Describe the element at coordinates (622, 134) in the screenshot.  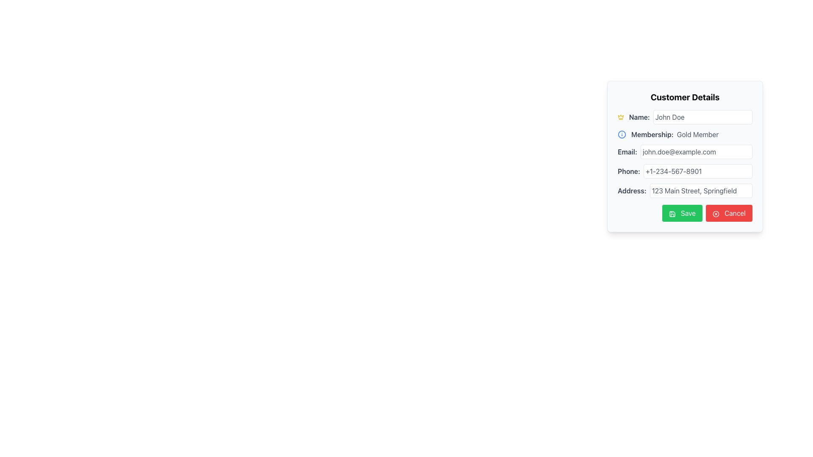
I see `the information icon located to the left of the 'Membership:' label in the 'Customer Details' form` at that location.